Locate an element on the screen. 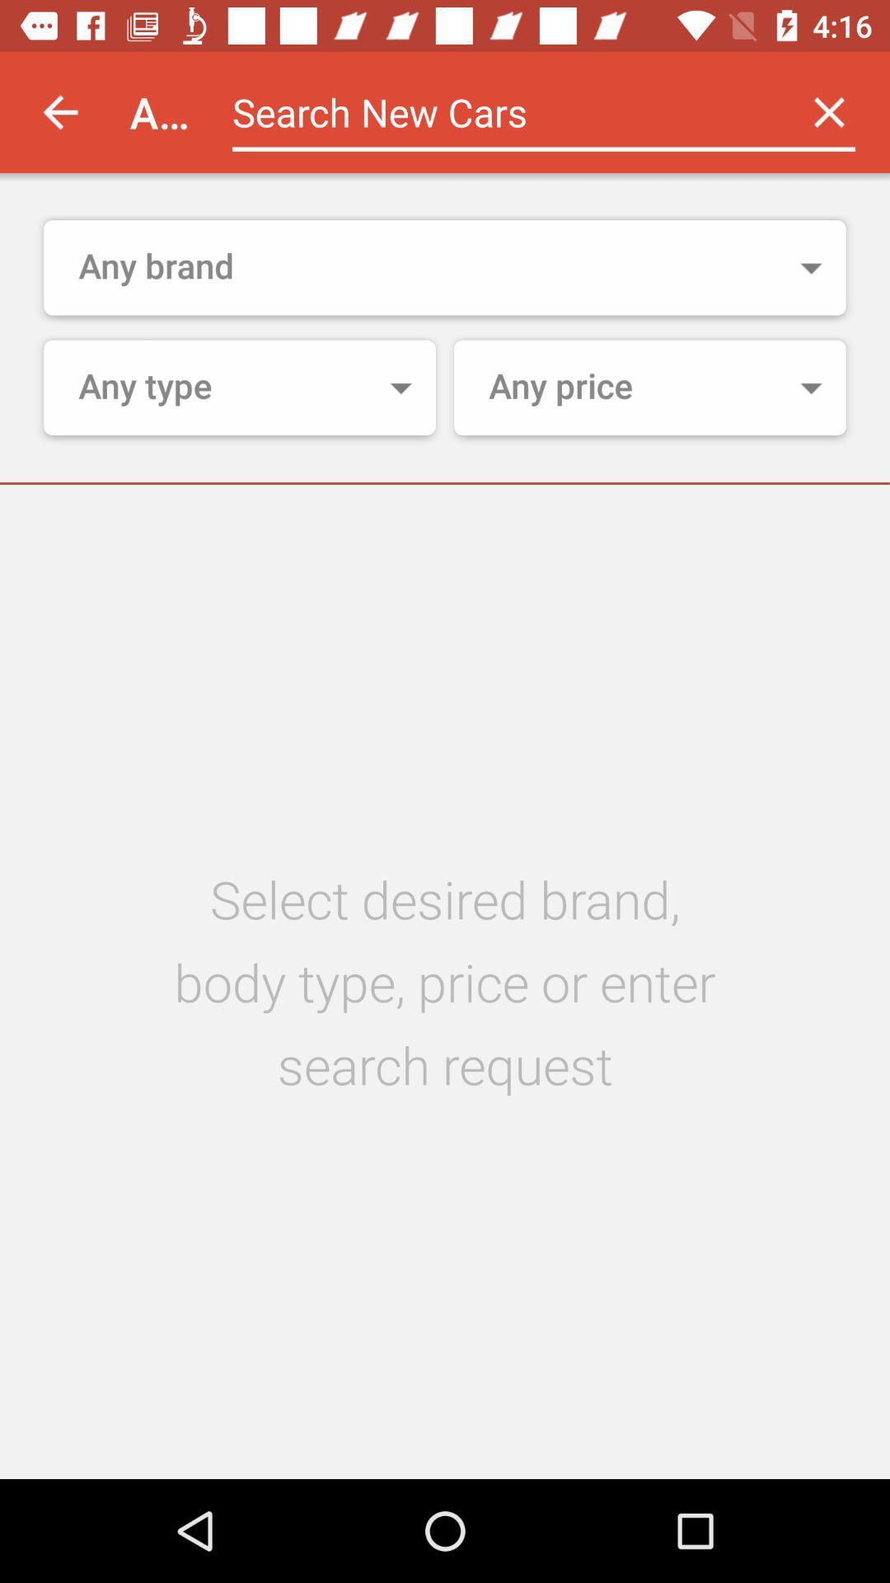  search new cars is located at coordinates (499, 111).